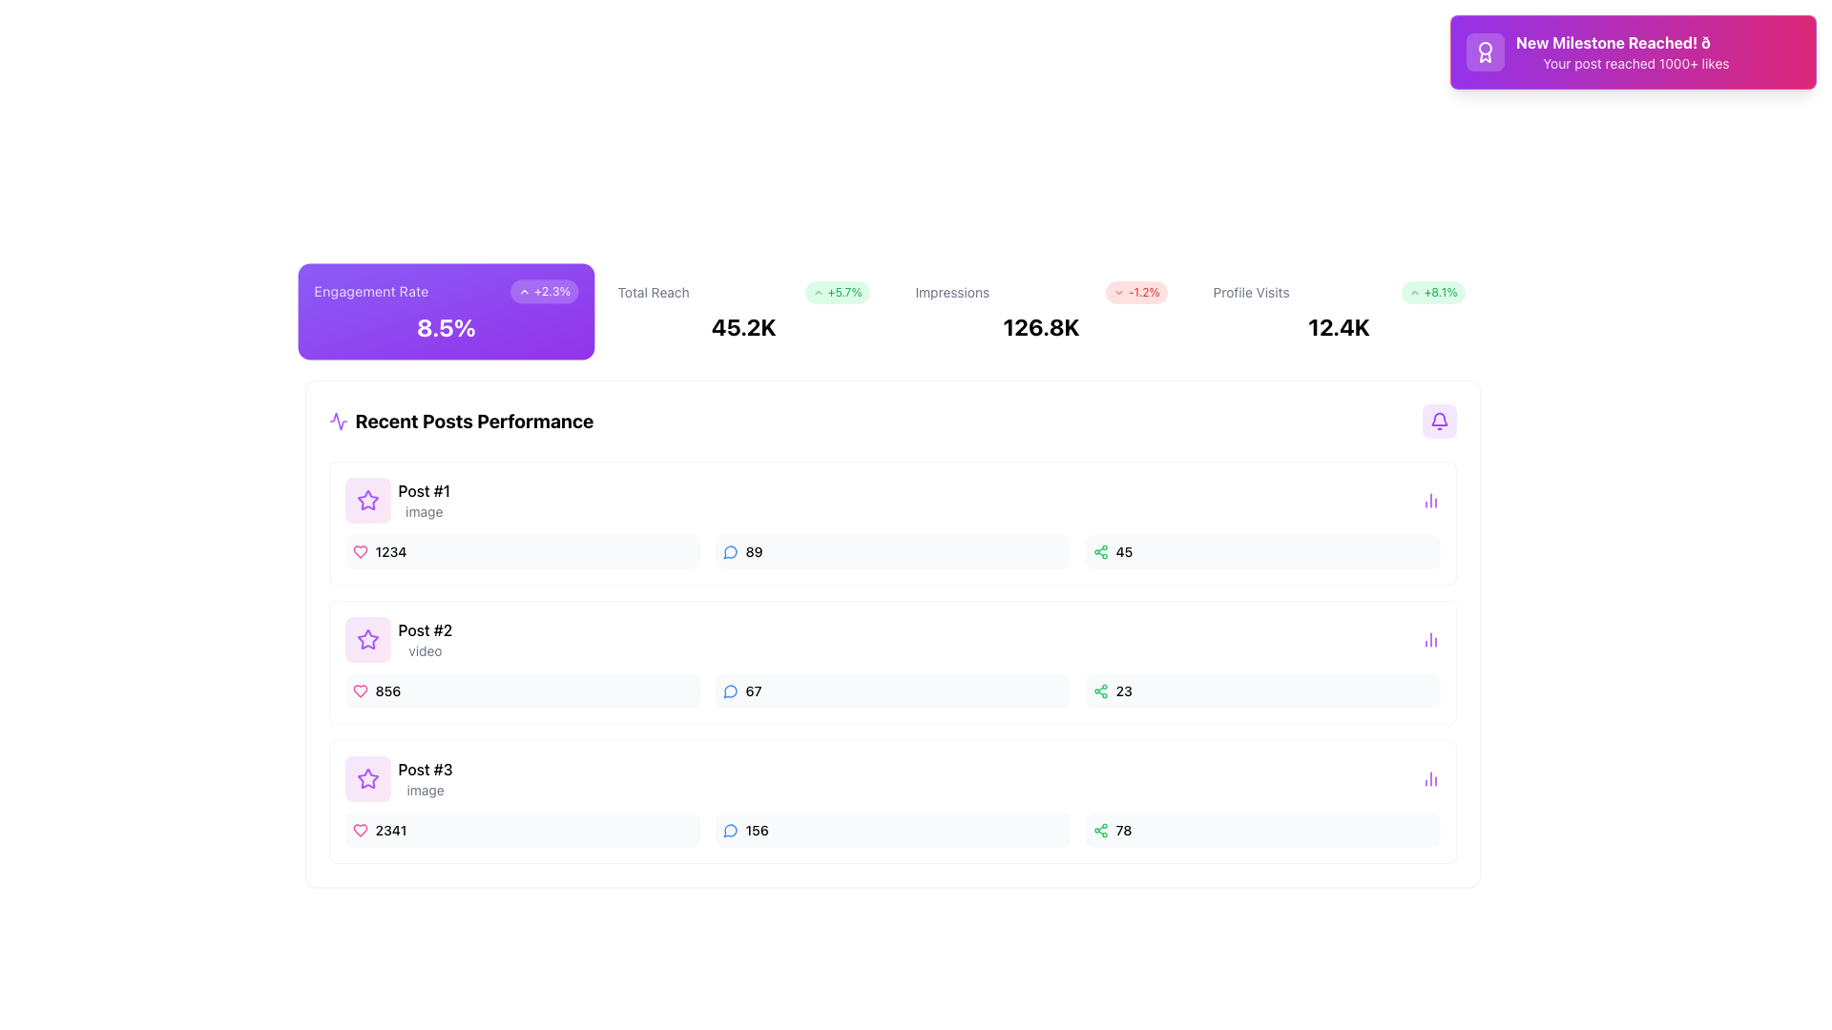 The height and width of the screenshot is (1030, 1832). I want to click on the purple icon button featuring three vertical lines located at the far right of the 'Post #3' card, so click(1430, 779).